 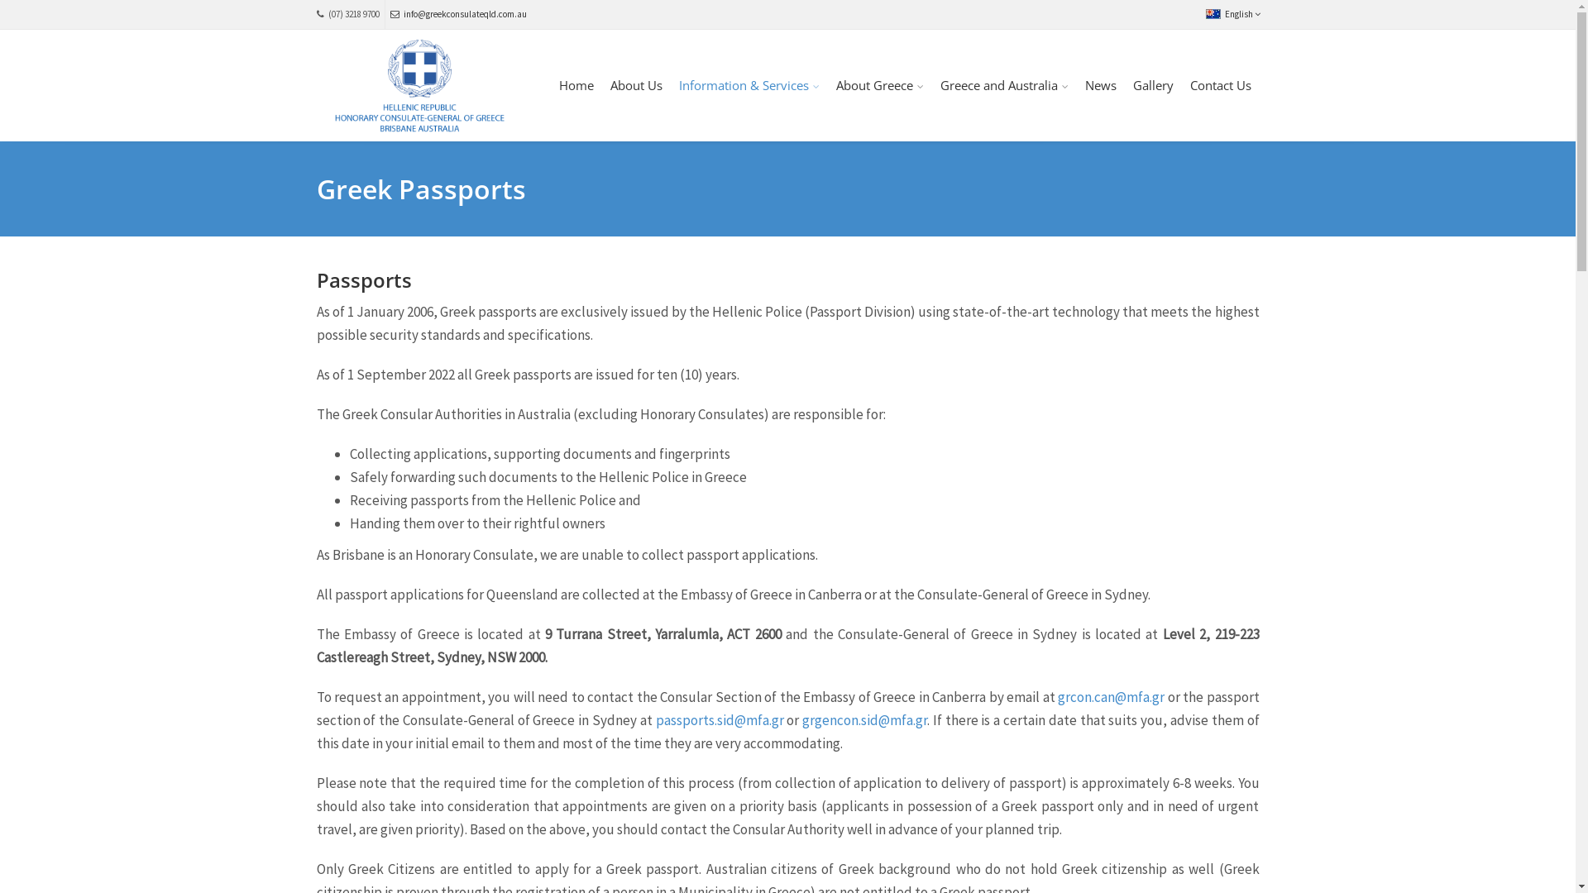 I want to click on 'English', so click(x=1233, y=14).